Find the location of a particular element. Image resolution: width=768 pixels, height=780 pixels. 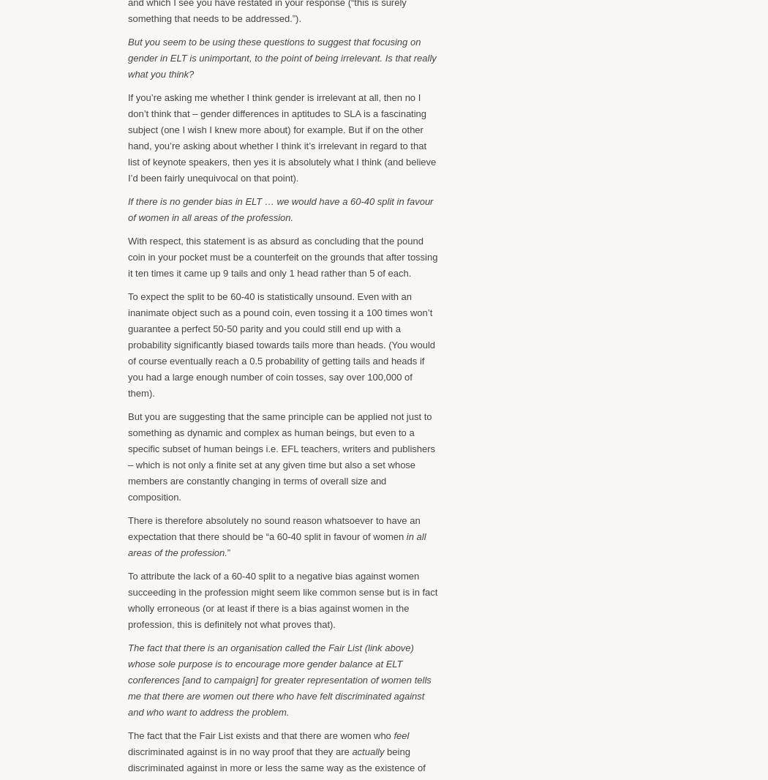

'If you’re asking me whether I think gender is irrelevant at all, then no I don’t think that – gender differences in aptitudes to SLA is a fascinating subject (one I wish I knew more about) for example. But if on the other hand, you’re asking about whether I think it’s irrelevant in regard to that list of keynote speakers, then yes it is absolutely what I think (and believe I’d been fairly unequivocal on that point).' is located at coordinates (282, 136).